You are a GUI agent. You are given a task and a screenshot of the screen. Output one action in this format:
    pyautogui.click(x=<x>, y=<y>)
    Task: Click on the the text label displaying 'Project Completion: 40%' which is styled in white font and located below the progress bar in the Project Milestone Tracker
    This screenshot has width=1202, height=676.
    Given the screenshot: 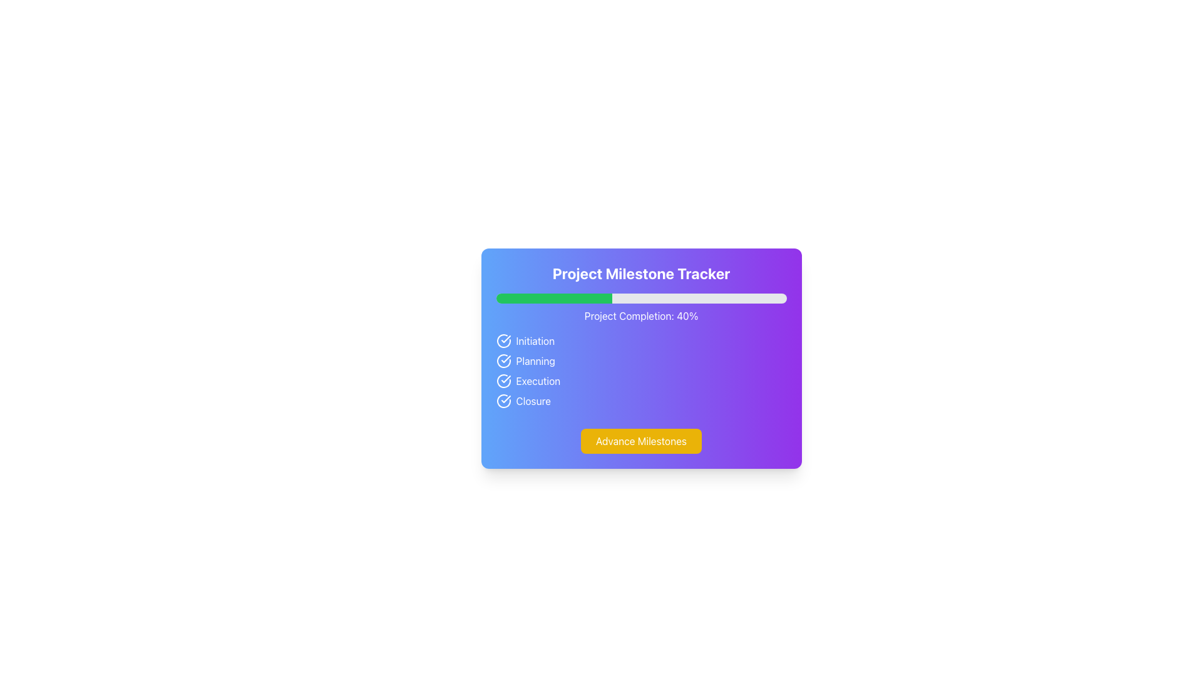 What is the action you would take?
    pyautogui.click(x=641, y=315)
    